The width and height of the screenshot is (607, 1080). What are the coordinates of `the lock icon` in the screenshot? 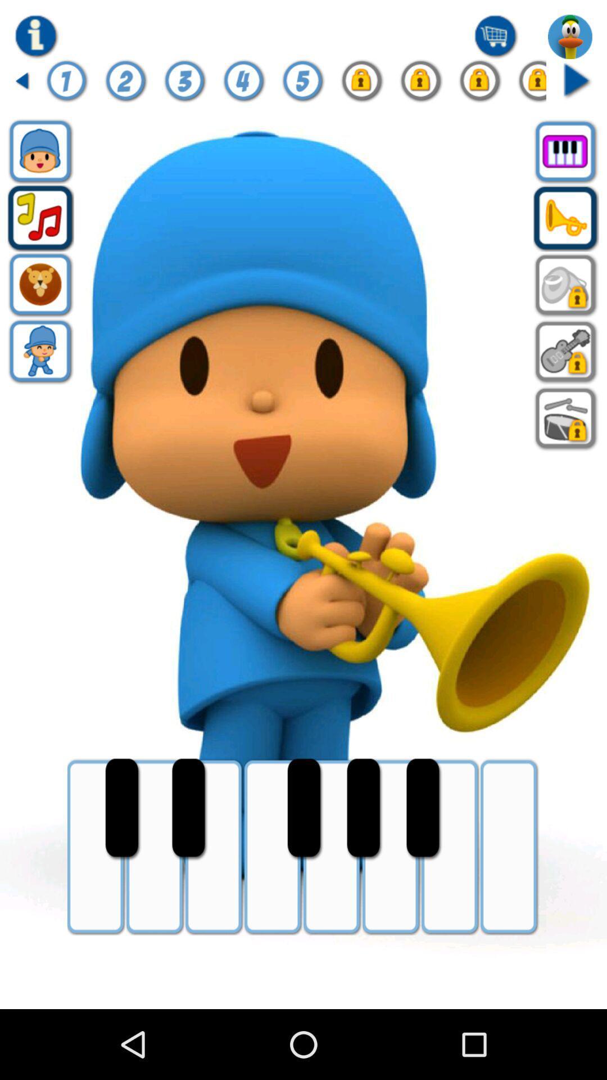 It's located at (566, 305).